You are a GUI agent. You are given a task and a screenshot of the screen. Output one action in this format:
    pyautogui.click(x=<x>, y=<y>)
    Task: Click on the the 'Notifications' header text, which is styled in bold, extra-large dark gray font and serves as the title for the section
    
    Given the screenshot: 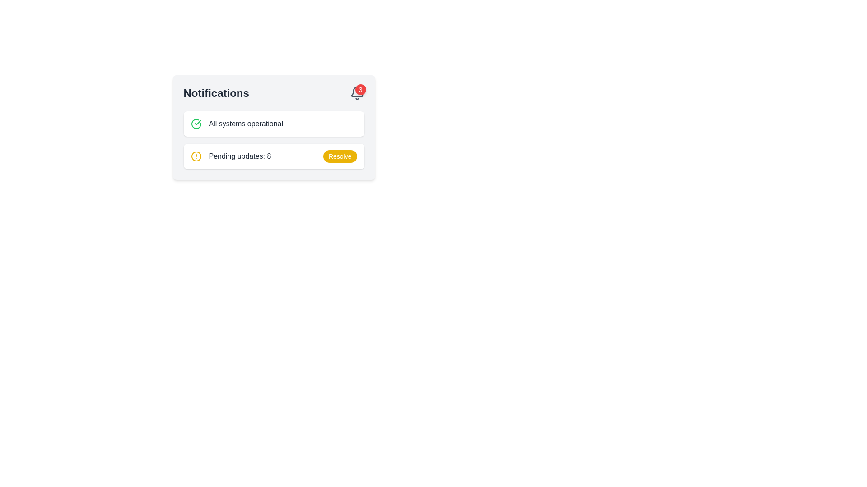 What is the action you would take?
    pyautogui.click(x=216, y=93)
    